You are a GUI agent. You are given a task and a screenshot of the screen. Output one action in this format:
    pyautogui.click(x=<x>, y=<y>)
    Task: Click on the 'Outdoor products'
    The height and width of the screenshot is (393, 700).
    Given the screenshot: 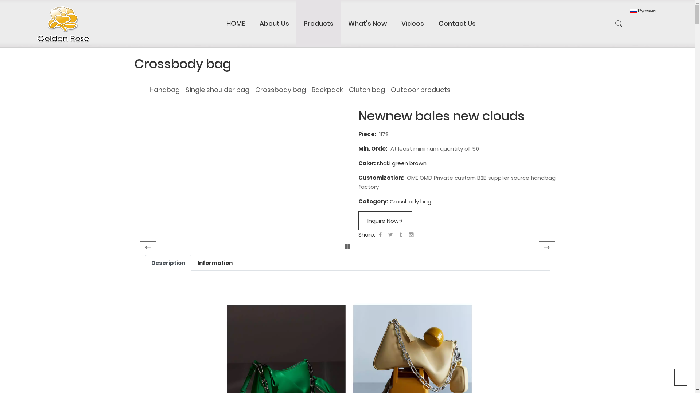 What is the action you would take?
    pyautogui.click(x=420, y=89)
    